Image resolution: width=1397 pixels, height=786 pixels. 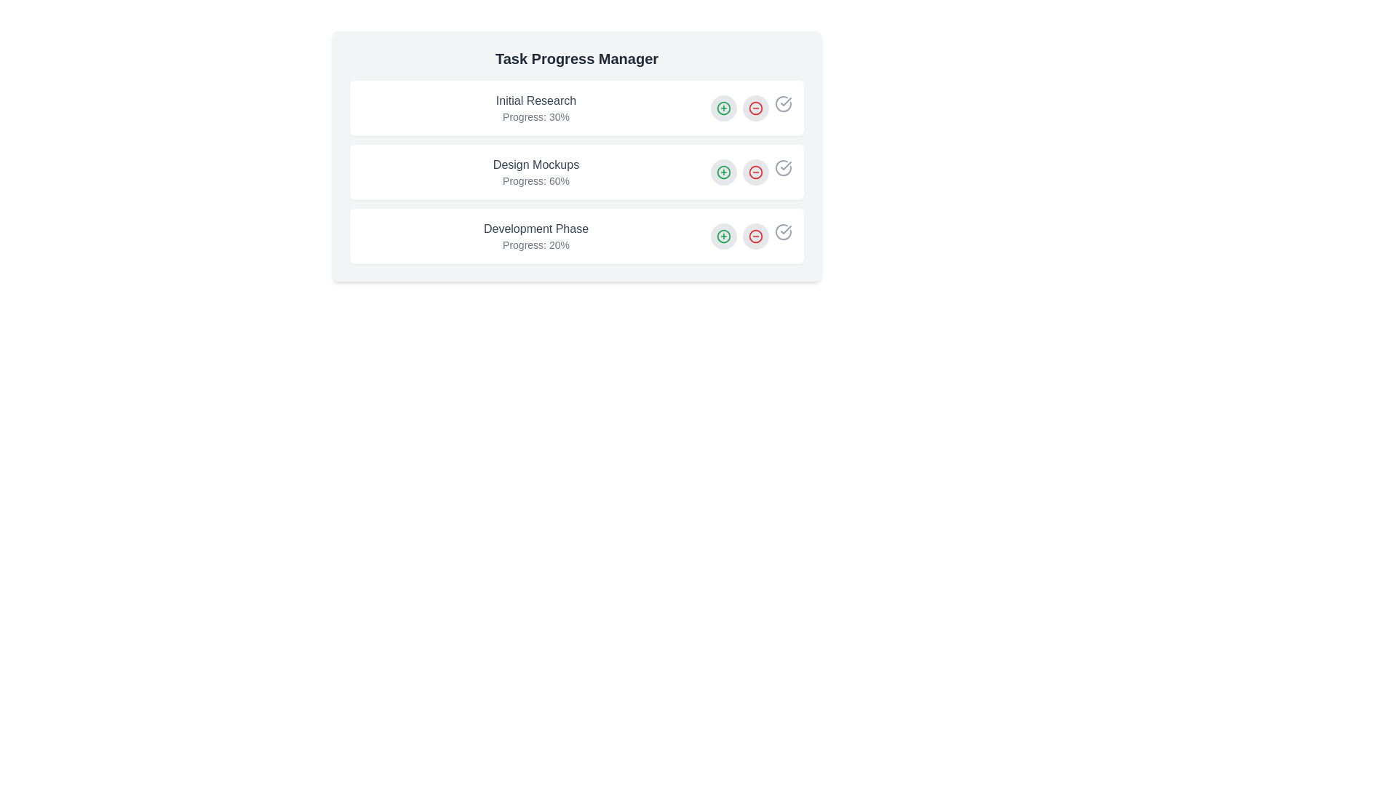 What do you see at coordinates (782, 231) in the screenshot?
I see `the last icon in the horizontal arrangement of icons for the 'Development Phase' task` at bounding box center [782, 231].